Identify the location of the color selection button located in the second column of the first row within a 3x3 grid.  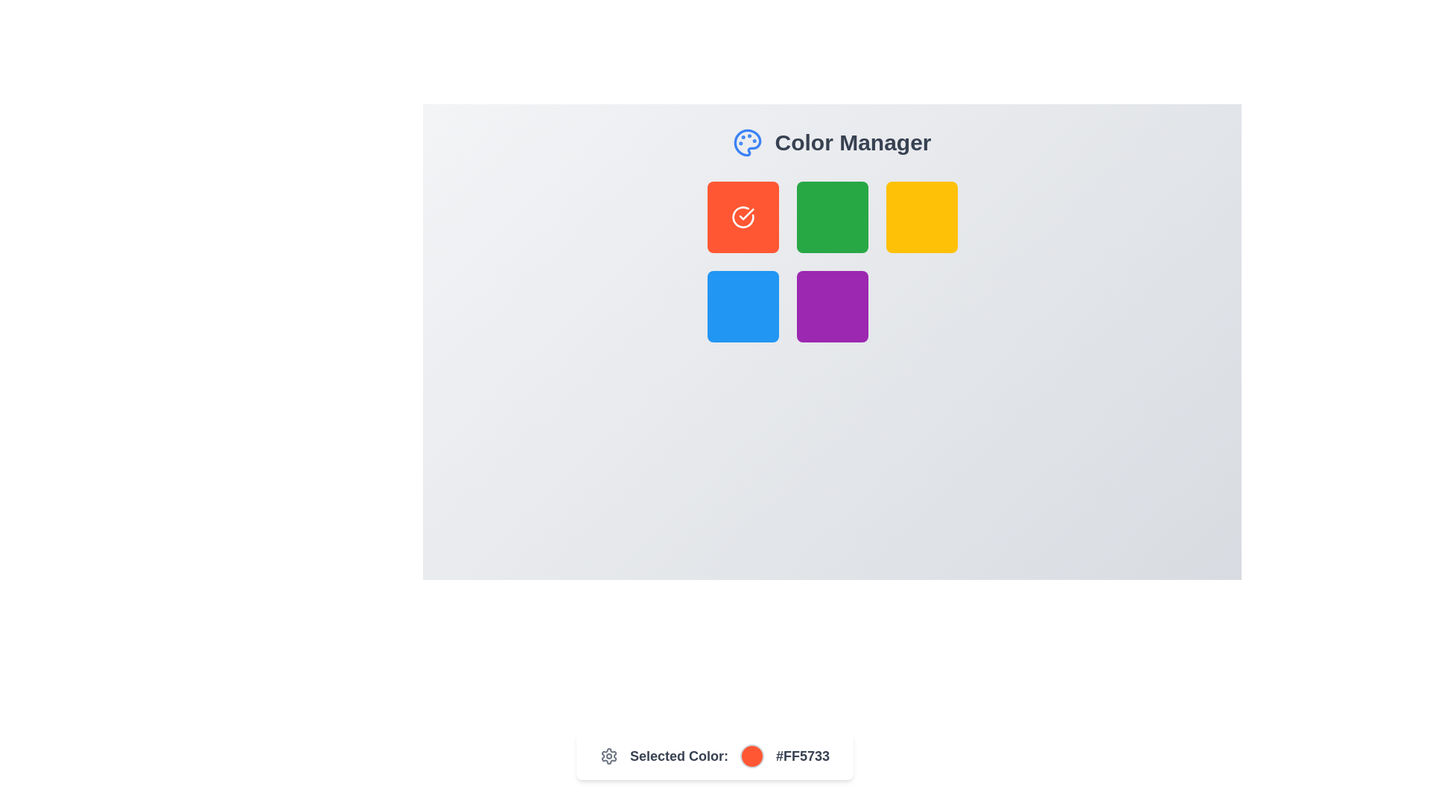
(831, 217).